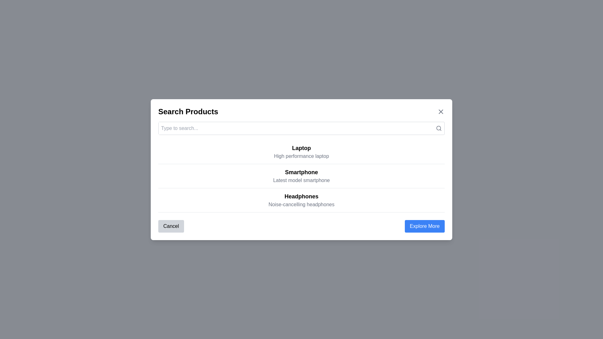  Describe the element at coordinates (440, 111) in the screenshot. I see `the Close button icon located in the top-right corner of the modal dialog` at that location.